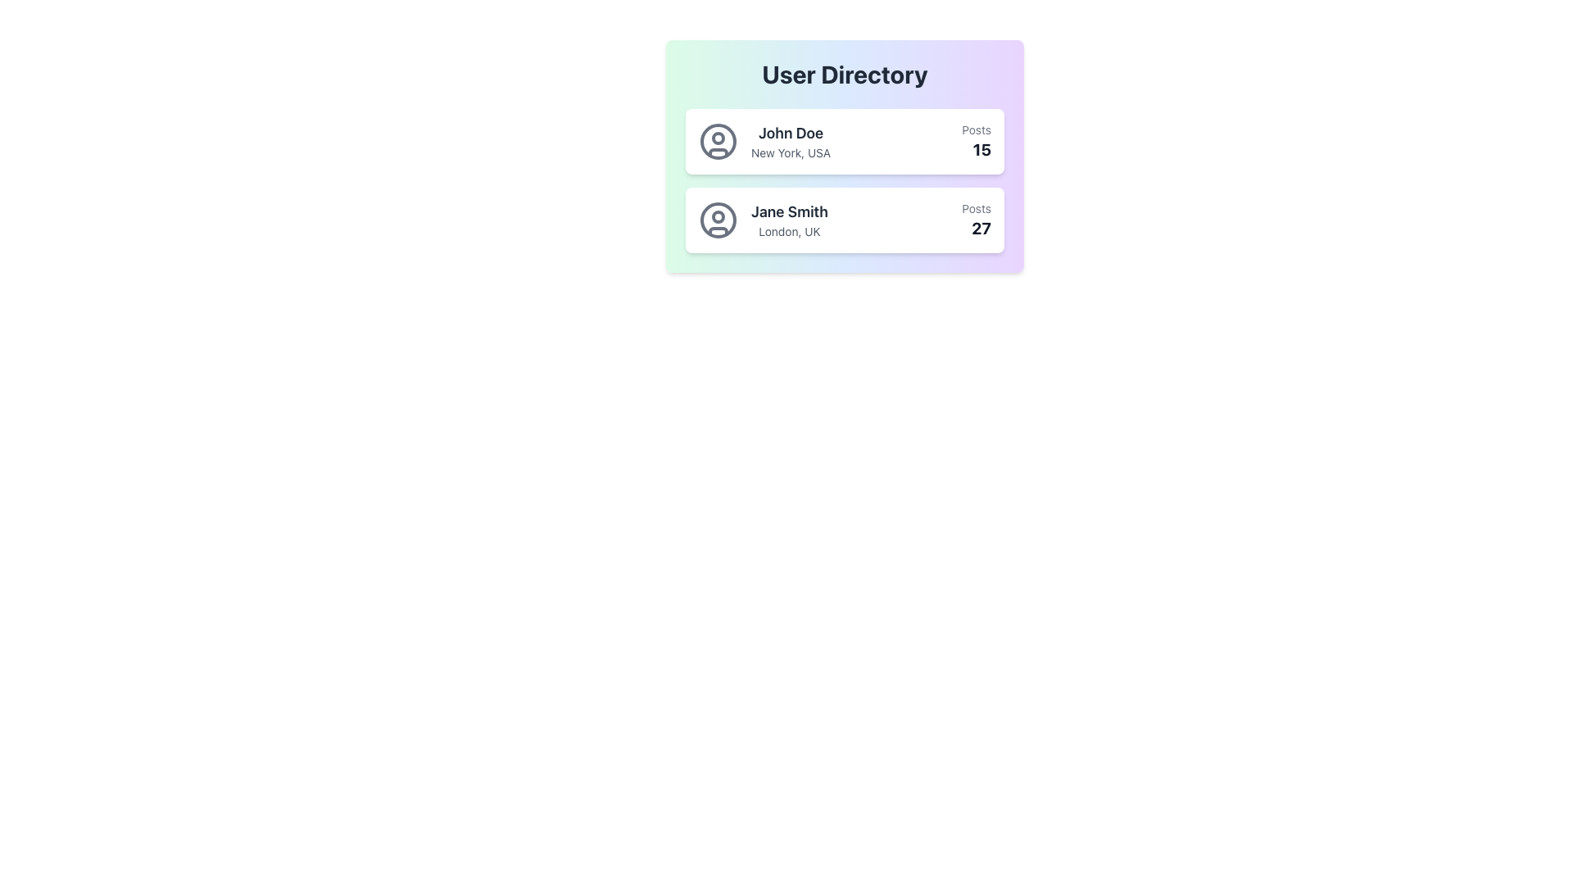 The height and width of the screenshot is (885, 1573). Describe the element at coordinates (977, 207) in the screenshot. I see `informational label indicating the count of posts by the user 'Jane Smith', which is located in the right-aligned section of the user card` at that location.